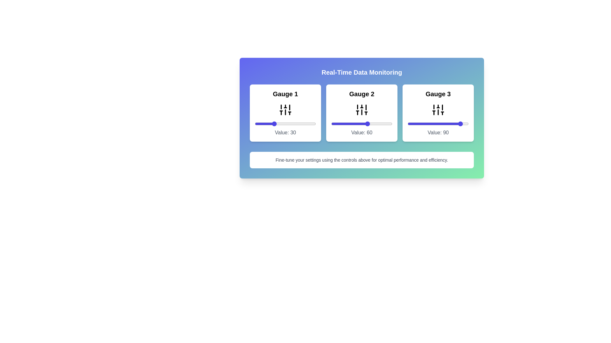  What do you see at coordinates (362, 112) in the screenshot?
I see `the interactive panel with the slider titled 'Gauge 2', which displays the value 60 and is located between 'Gauge 1' and 'Gauge 3'` at bounding box center [362, 112].